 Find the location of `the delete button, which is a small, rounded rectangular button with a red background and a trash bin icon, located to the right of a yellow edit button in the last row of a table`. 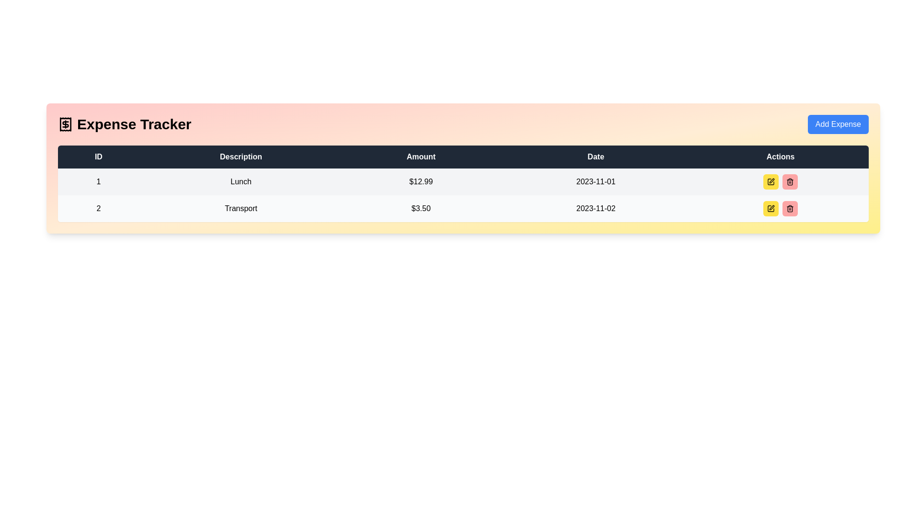

the delete button, which is a small, rounded rectangular button with a red background and a trash bin icon, located to the right of a yellow edit button in the last row of a table is located at coordinates (790, 208).